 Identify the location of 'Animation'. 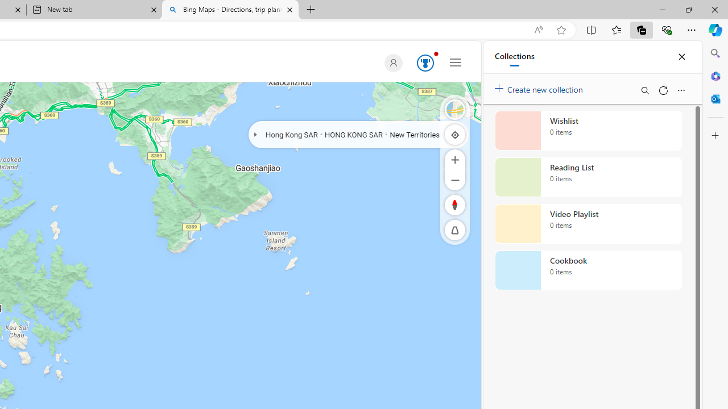
(435, 54).